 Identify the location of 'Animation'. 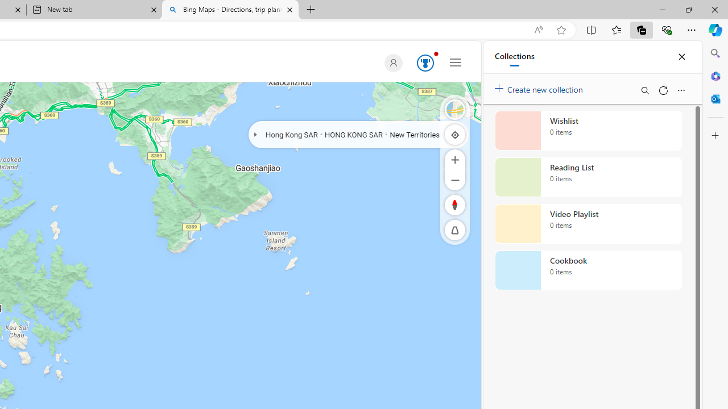
(435, 54).